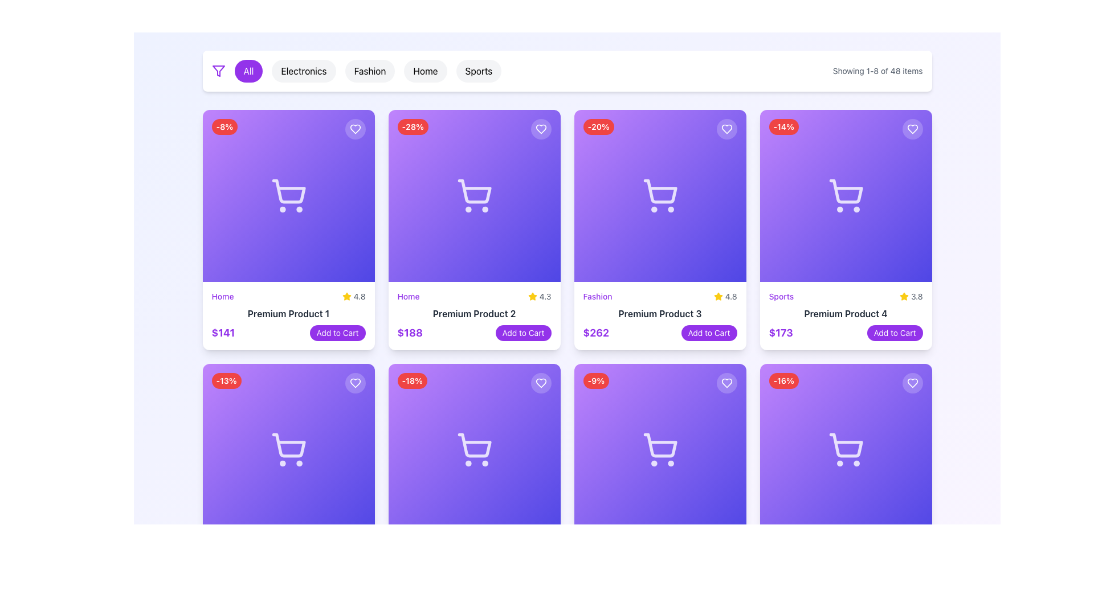  What do you see at coordinates (288, 314) in the screenshot?
I see `the text label displaying the product name in the lower-middle part of the first product card in the leftmost column to trigger any potential tooltip or visual effect` at bounding box center [288, 314].